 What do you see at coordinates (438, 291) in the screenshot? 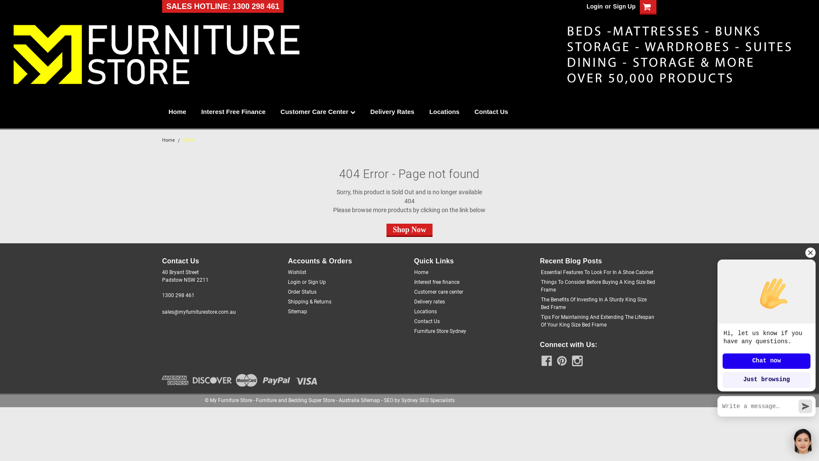
I see `'Customer care center'` at bounding box center [438, 291].